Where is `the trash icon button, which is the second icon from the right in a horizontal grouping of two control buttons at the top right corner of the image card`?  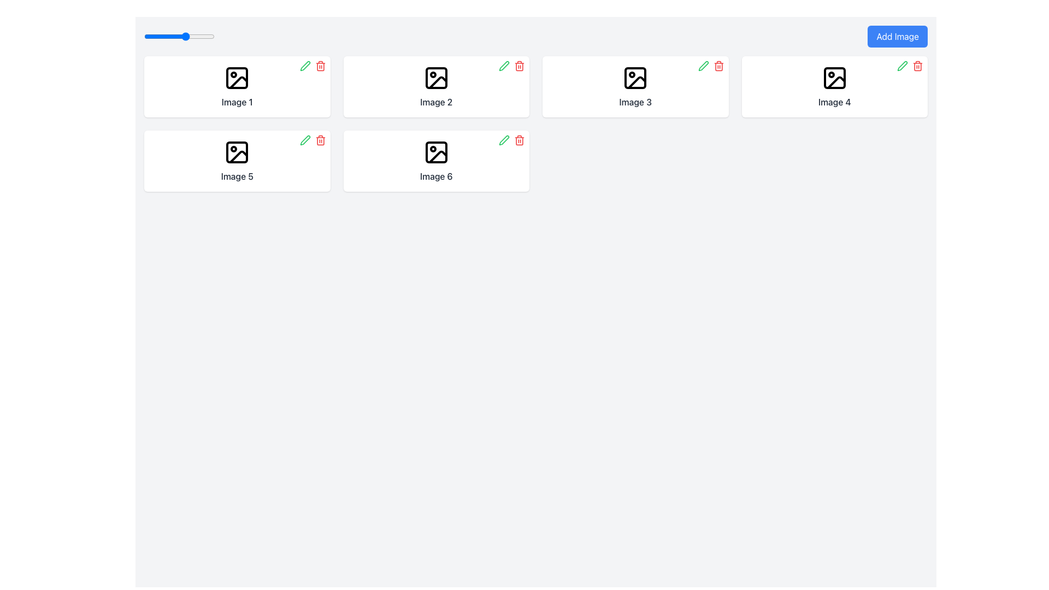 the trash icon button, which is the second icon from the right in a horizontal grouping of two control buttons at the top right corner of the image card is located at coordinates (320, 140).